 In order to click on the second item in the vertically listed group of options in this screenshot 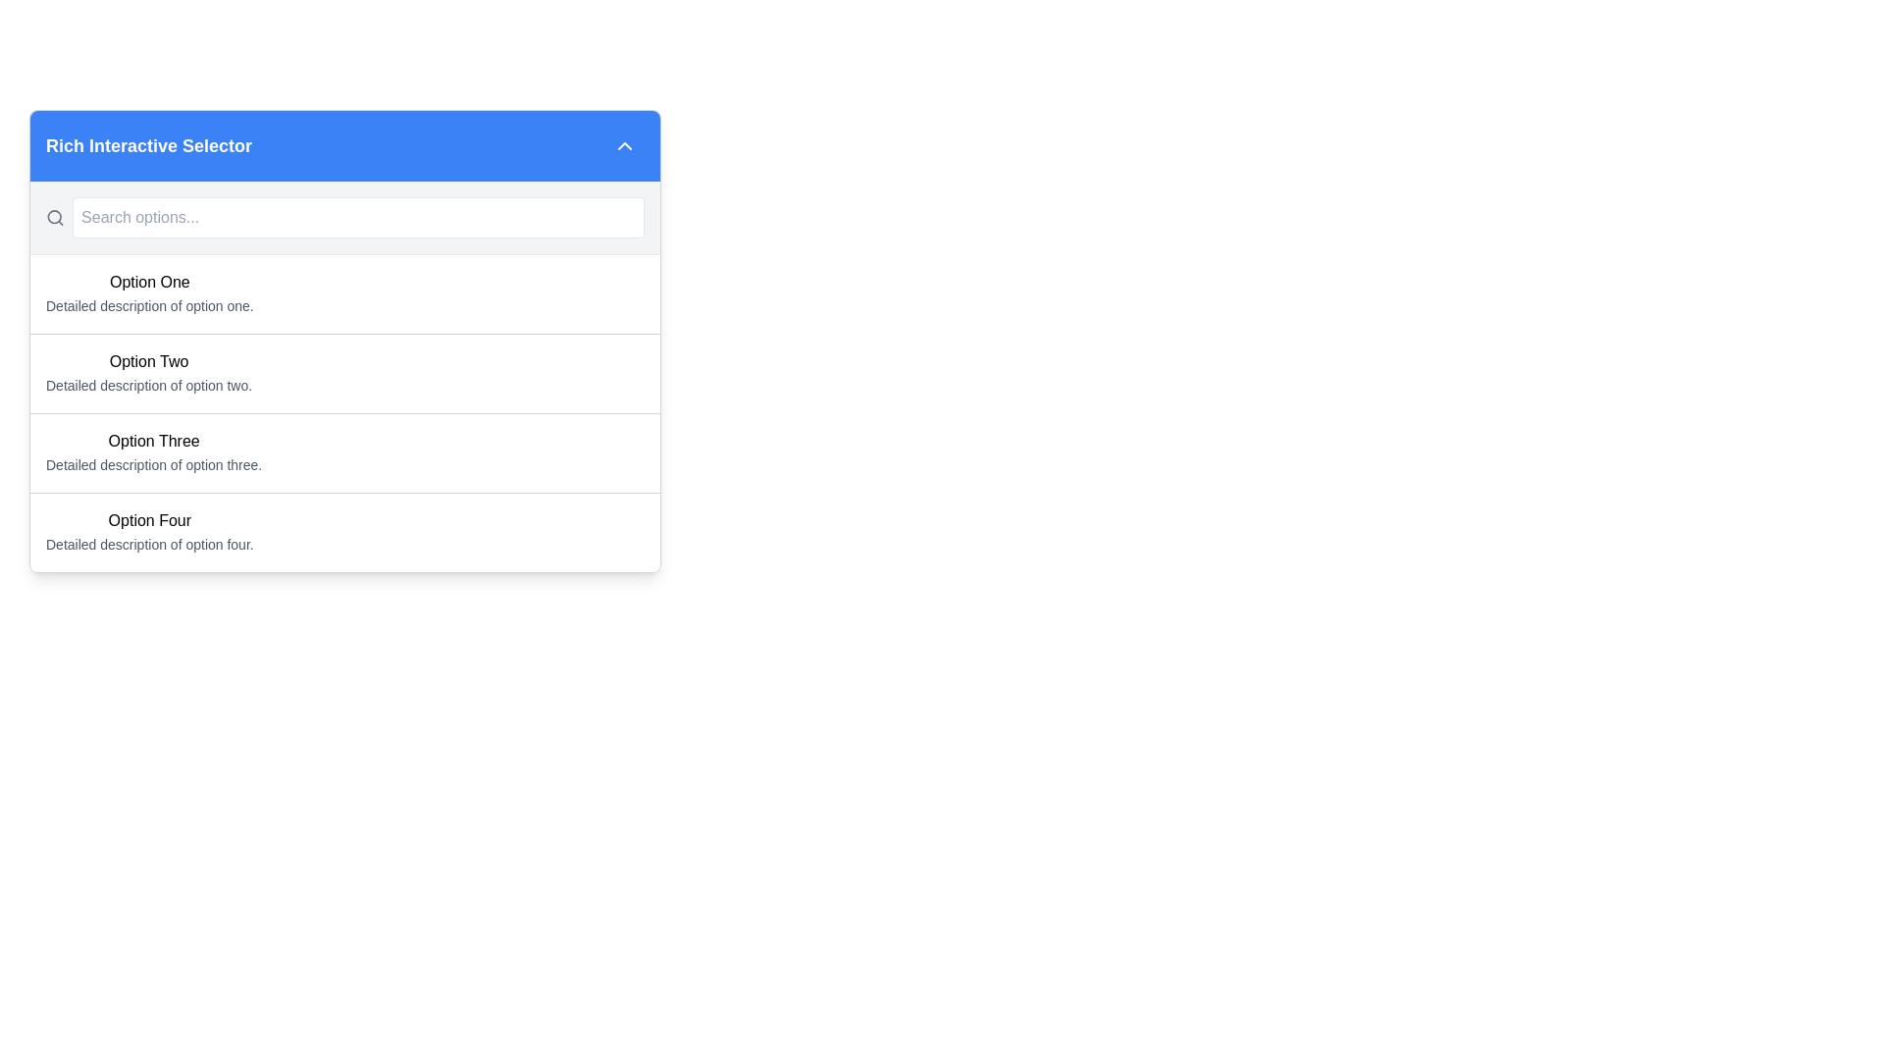, I will do `click(344, 377)`.